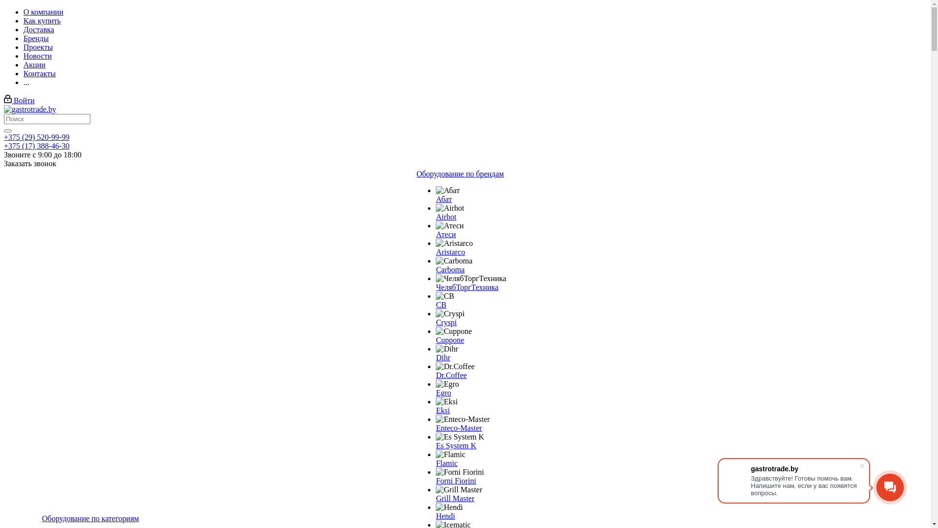 Image resolution: width=938 pixels, height=528 pixels. What do you see at coordinates (450, 374) in the screenshot?
I see `'Dr.Coffee'` at bounding box center [450, 374].